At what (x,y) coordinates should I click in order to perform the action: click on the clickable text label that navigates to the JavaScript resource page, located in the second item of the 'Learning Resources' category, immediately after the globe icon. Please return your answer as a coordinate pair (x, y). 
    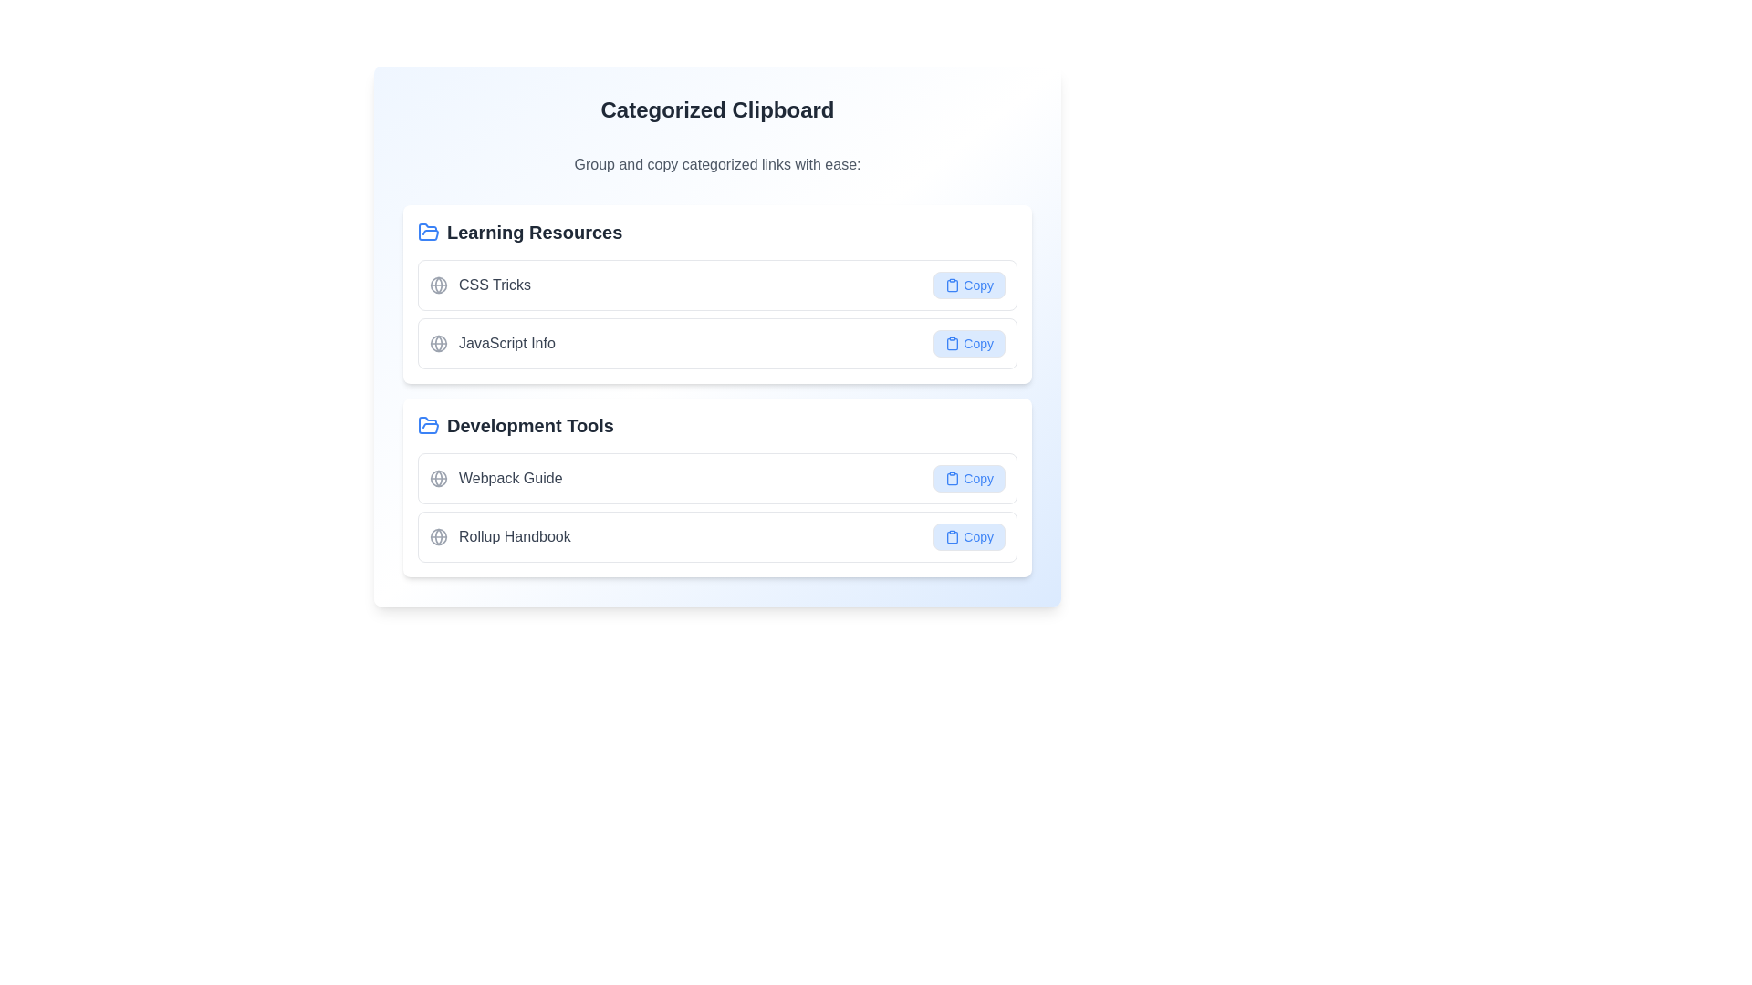
    Looking at the image, I should click on (506, 344).